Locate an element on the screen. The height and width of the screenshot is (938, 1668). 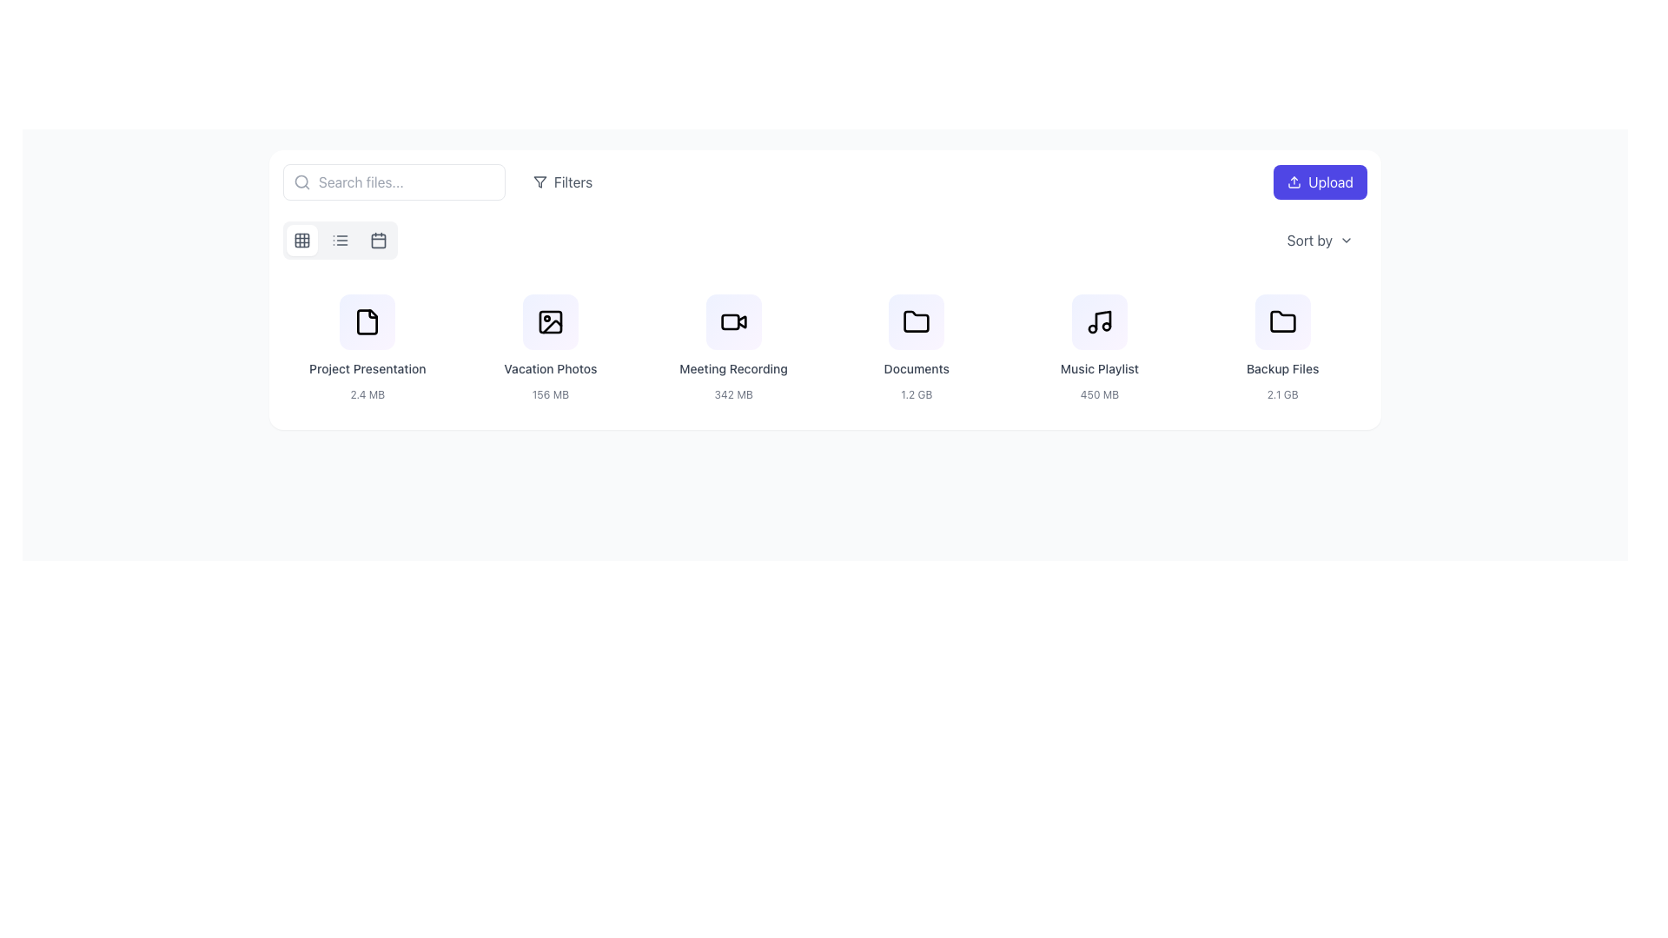
the first button in the top-left corner of the main content panel is located at coordinates (301, 241).